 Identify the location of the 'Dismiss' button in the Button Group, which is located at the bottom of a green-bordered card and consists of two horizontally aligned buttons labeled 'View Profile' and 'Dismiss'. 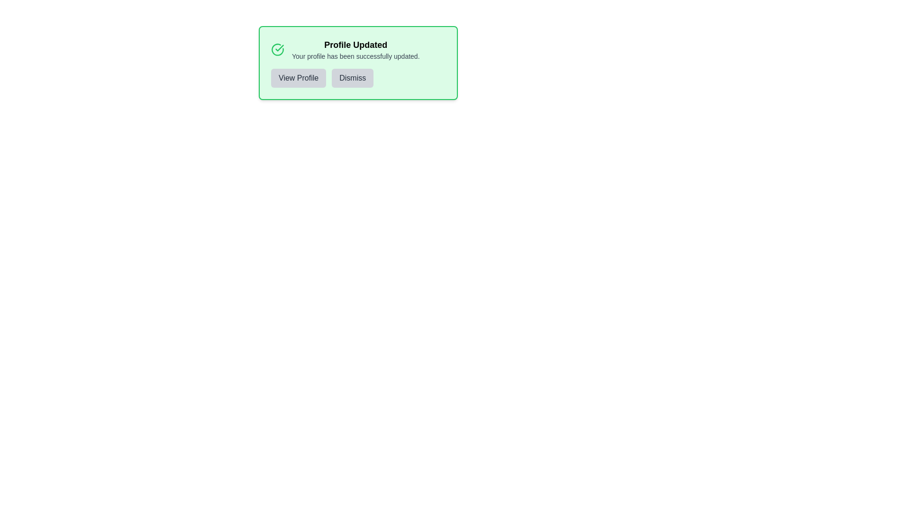
(357, 78).